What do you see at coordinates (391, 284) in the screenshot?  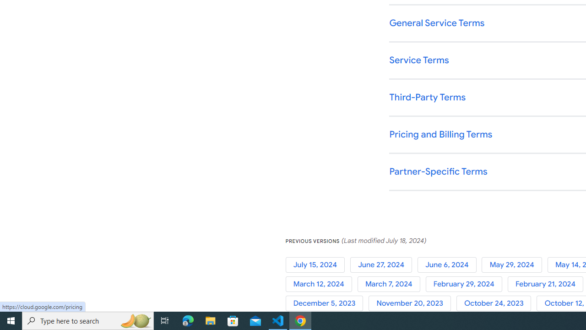 I see `'March 7, 2024'` at bounding box center [391, 284].